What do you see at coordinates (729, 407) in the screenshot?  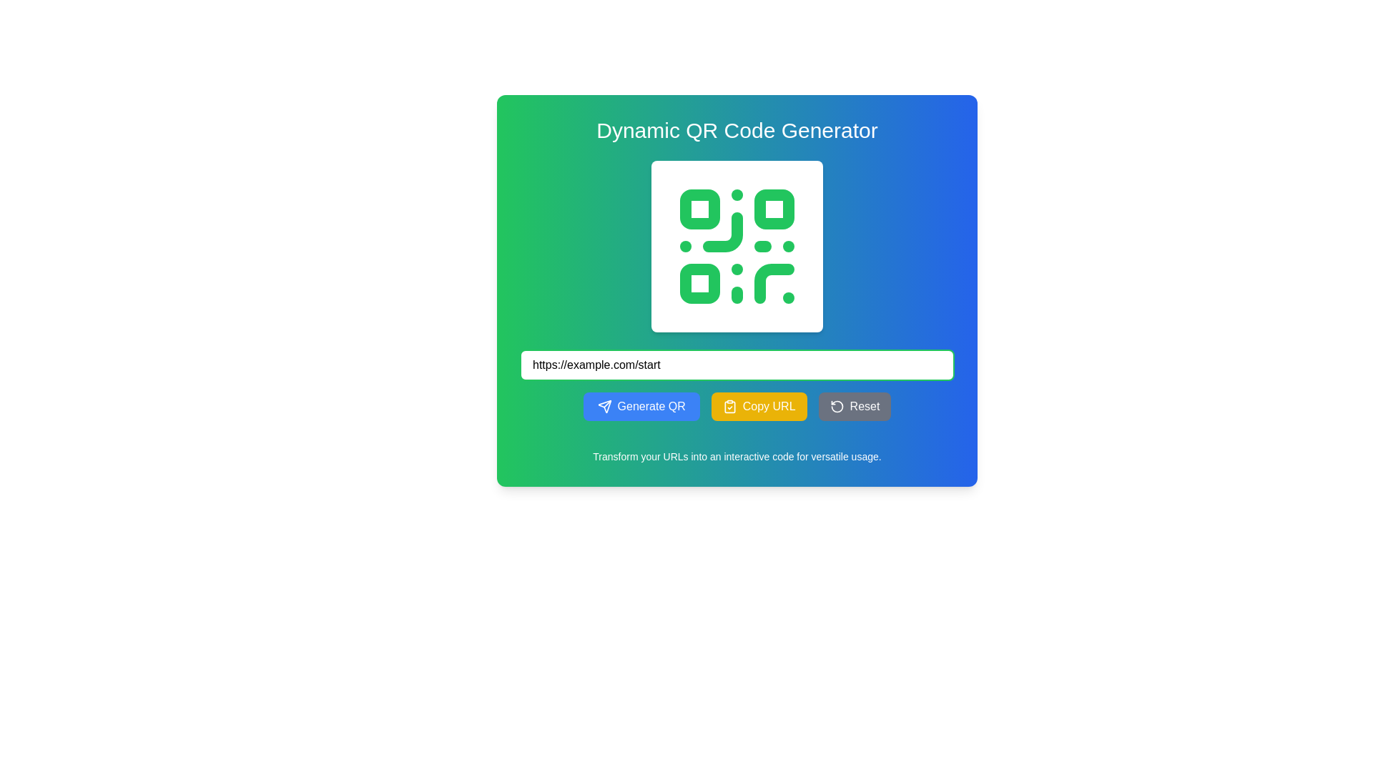 I see `the decorative Vector icon representing a clipboard with a checkmark, located in the lower-right portion of the interface near the interactive options below the QR code area` at bounding box center [729, 407].